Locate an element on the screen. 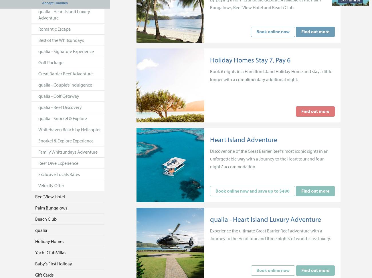 The image size is (372, 278). 'Reef Dive Experience' is located at coordinates (38, 163).